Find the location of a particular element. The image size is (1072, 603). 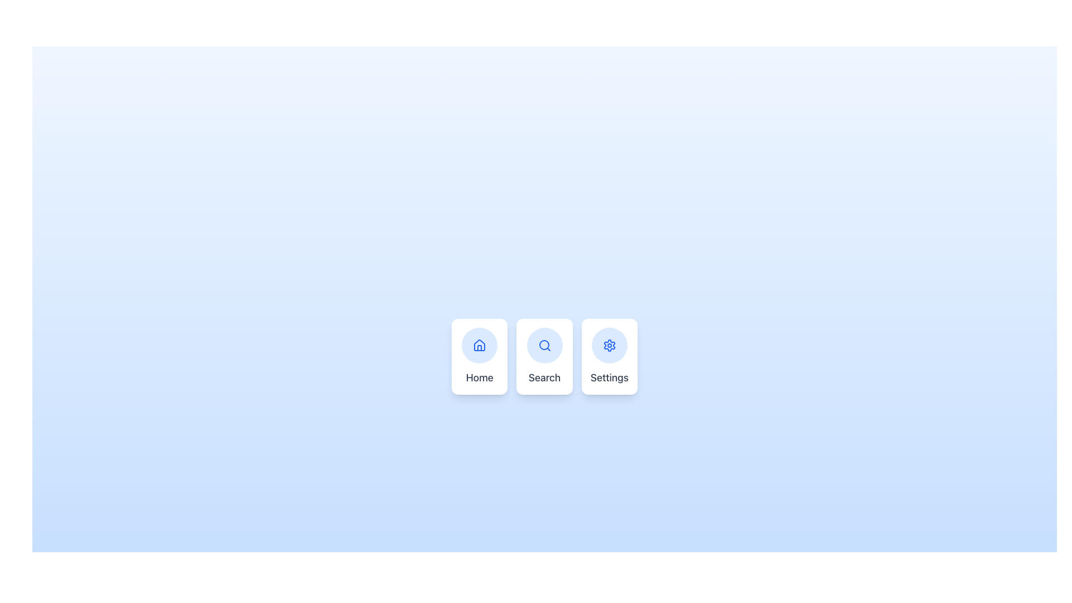

the second icon in the horizontal group of three, which symbolizes the search functionality is located at coordinates (544, 344).